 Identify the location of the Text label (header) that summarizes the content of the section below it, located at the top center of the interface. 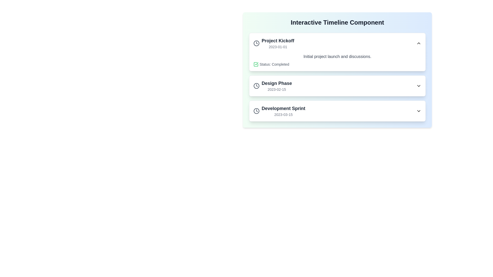
(337, 22).